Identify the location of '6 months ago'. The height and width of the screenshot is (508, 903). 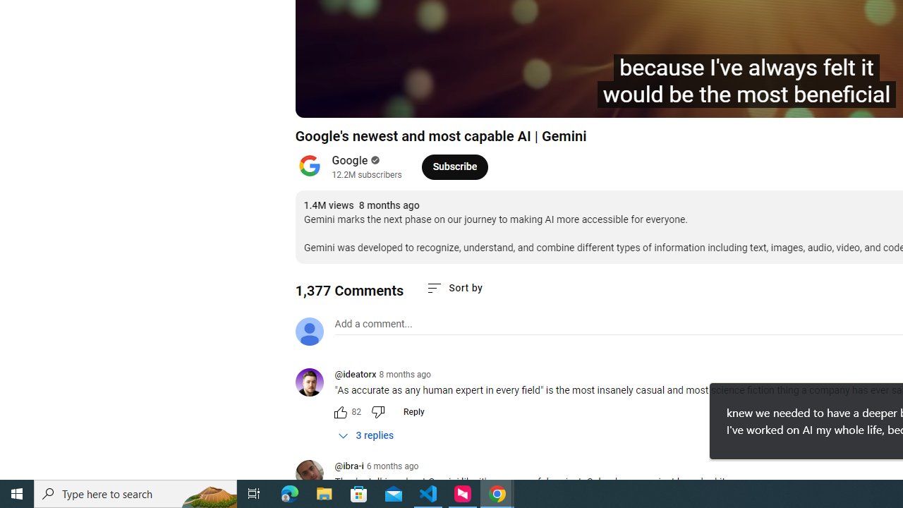
(392, 466).